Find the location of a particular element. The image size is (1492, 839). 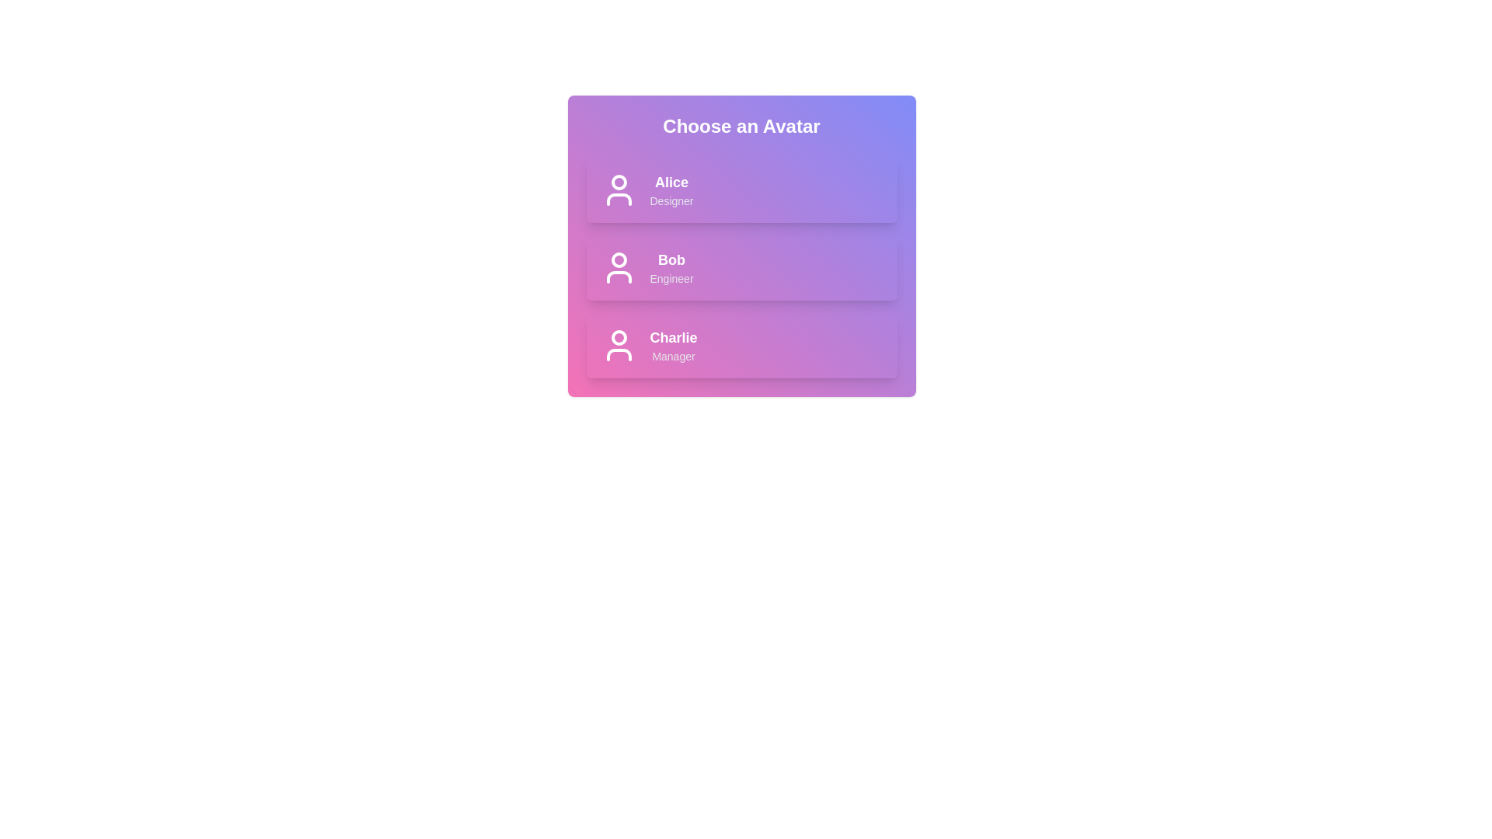

the user icon, which is a white human figure on a purple background, located above the 'AliceDesigner' label is located at coordinates (618, 190).